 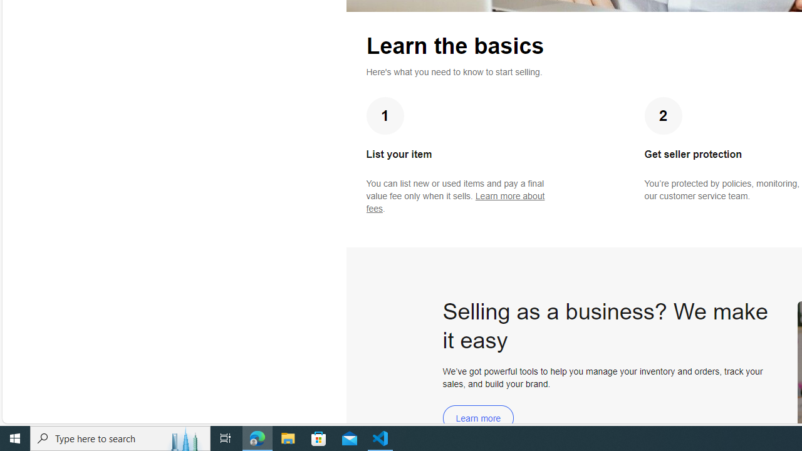 I want to click on 'Learn more about fees - opens in new window or tab.', so click(x=455, y=202).